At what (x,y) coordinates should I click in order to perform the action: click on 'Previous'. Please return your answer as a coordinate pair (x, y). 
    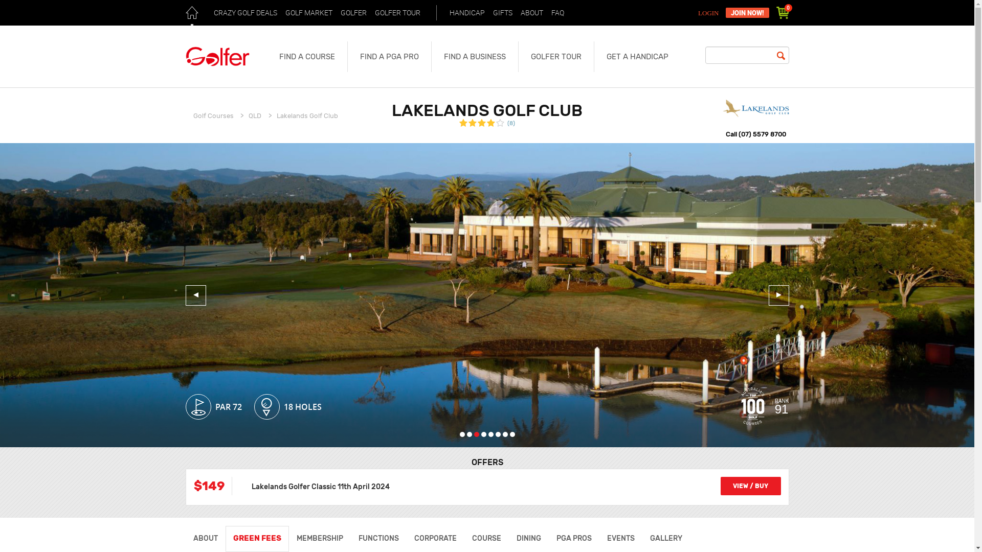
    Looking at the image, I should click on (195, 295).